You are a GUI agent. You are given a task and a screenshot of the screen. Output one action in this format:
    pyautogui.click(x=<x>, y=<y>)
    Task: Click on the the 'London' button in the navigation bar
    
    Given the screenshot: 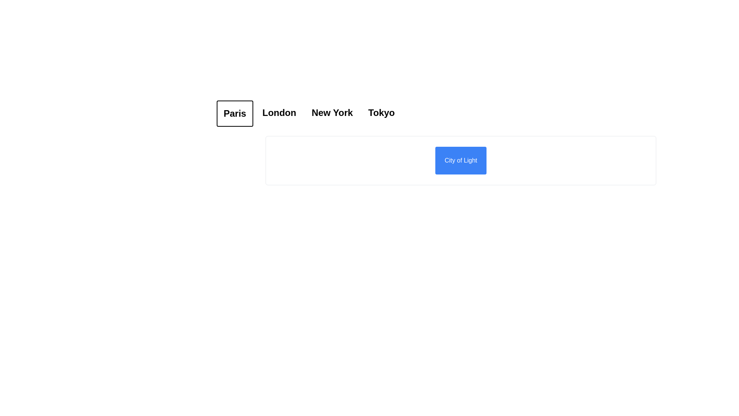 What is the action you would take?
    pyautogui.click(x=279, y=113)
    